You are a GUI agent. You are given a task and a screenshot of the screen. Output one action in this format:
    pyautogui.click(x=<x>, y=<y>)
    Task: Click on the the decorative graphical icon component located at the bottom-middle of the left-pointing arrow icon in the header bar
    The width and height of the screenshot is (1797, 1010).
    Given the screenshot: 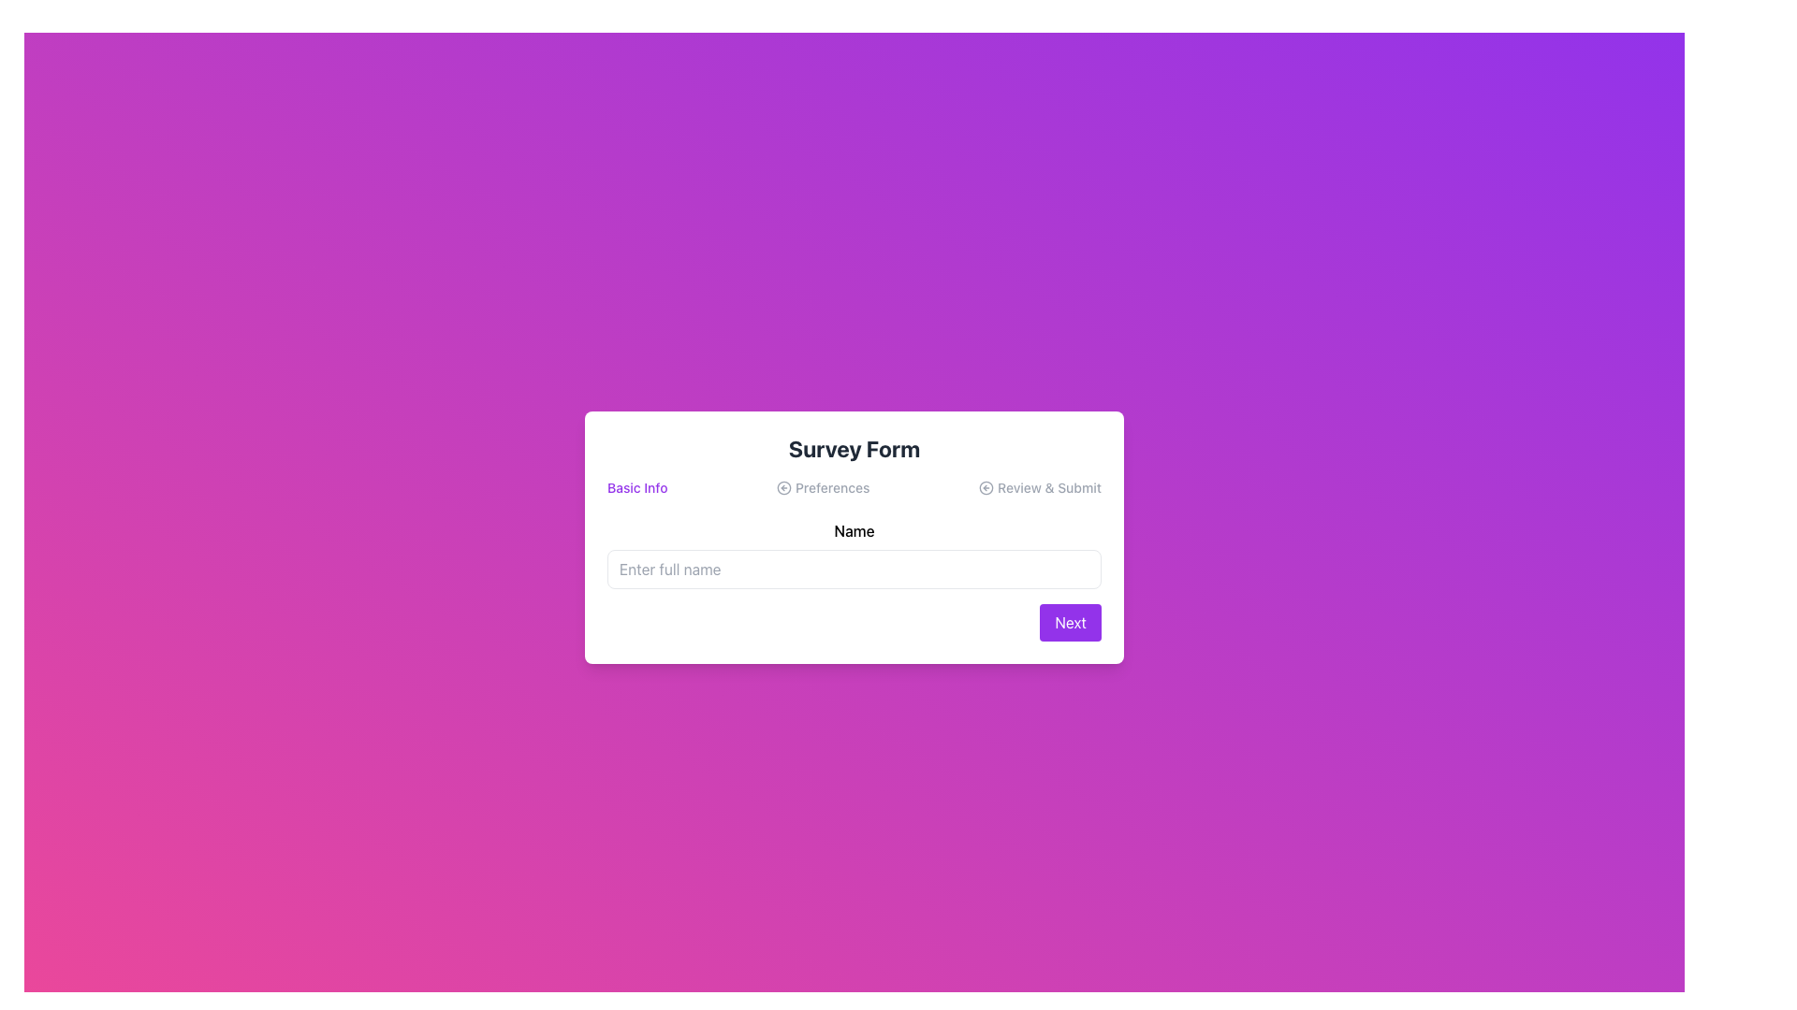 What is the action you would take?
    pyautogui.click(x=986, y=486)
    